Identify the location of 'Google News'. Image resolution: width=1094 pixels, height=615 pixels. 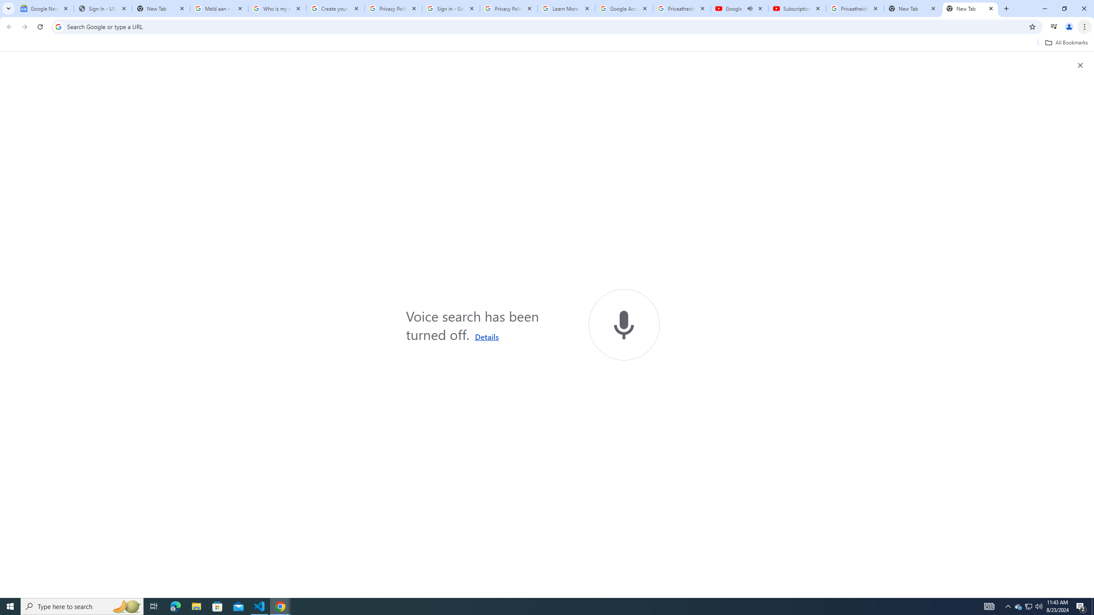
(44, 8).